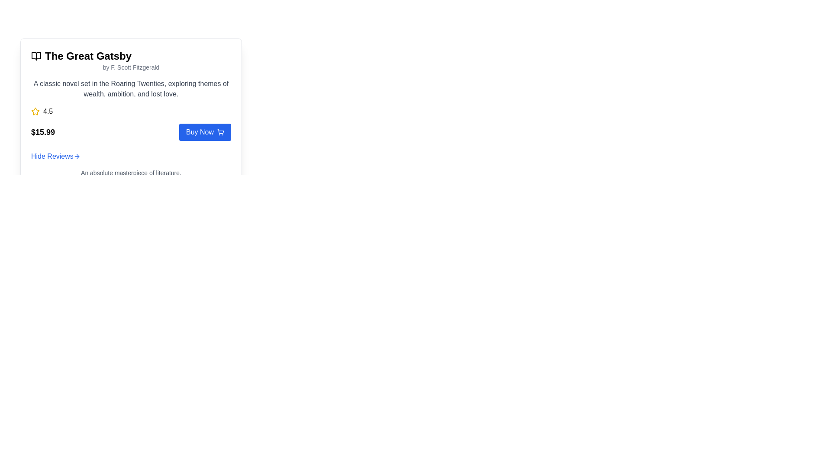 This screenshot has width=831, height=467. What do you see at coordinates (55, 157) in the screenshot?
I see `the hyperlink located below the 'Buy Now' button and above the review section` at bounding box center [55, 157].